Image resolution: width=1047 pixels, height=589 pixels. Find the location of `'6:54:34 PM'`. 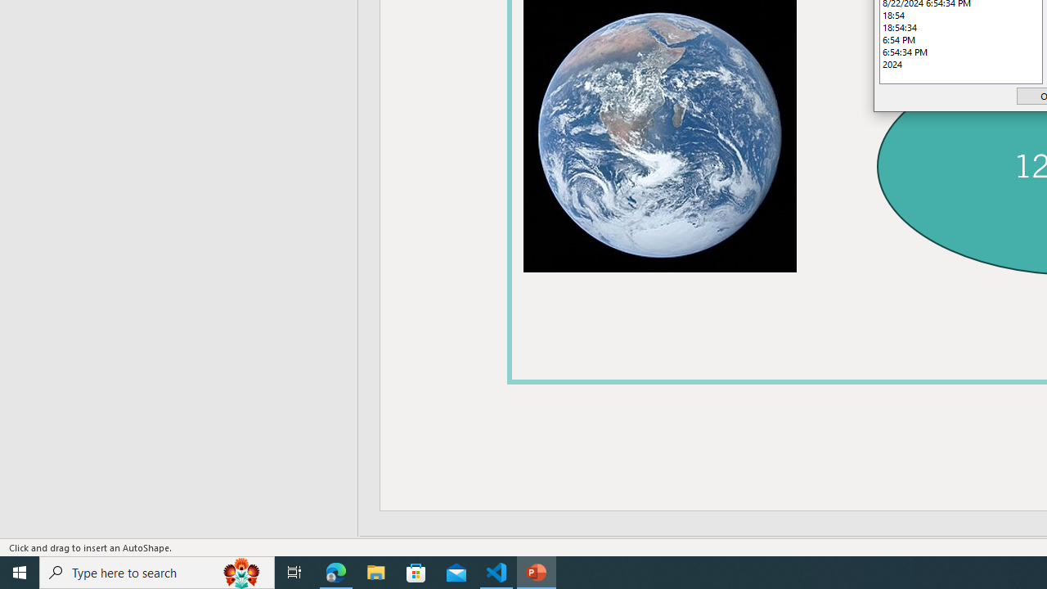

'6:54:34 PM' is located at coordinates (961, 51).